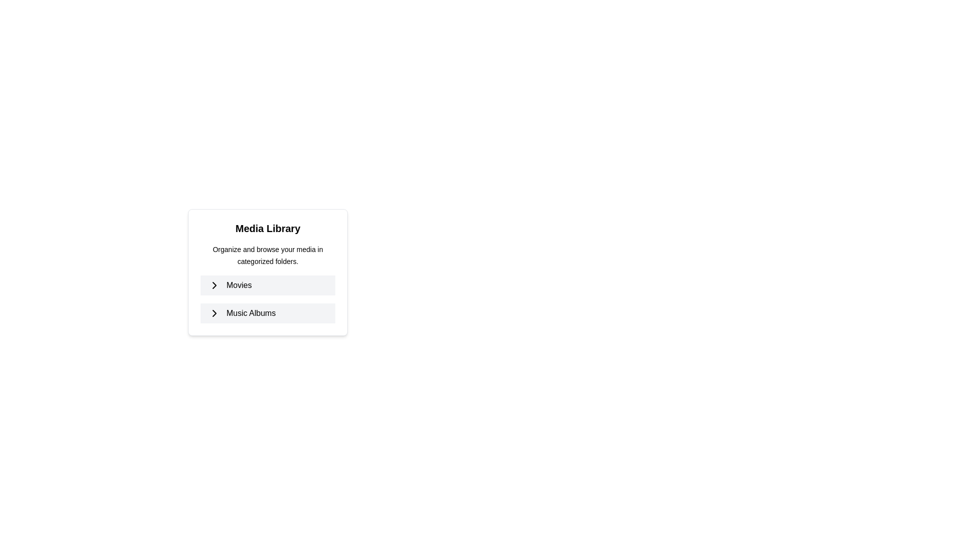  What do you see at coordinates (268, 313) in the screenshot?
I see `the Expandable Section Header for 'Music Albums'` at bounding box center [268, 313].